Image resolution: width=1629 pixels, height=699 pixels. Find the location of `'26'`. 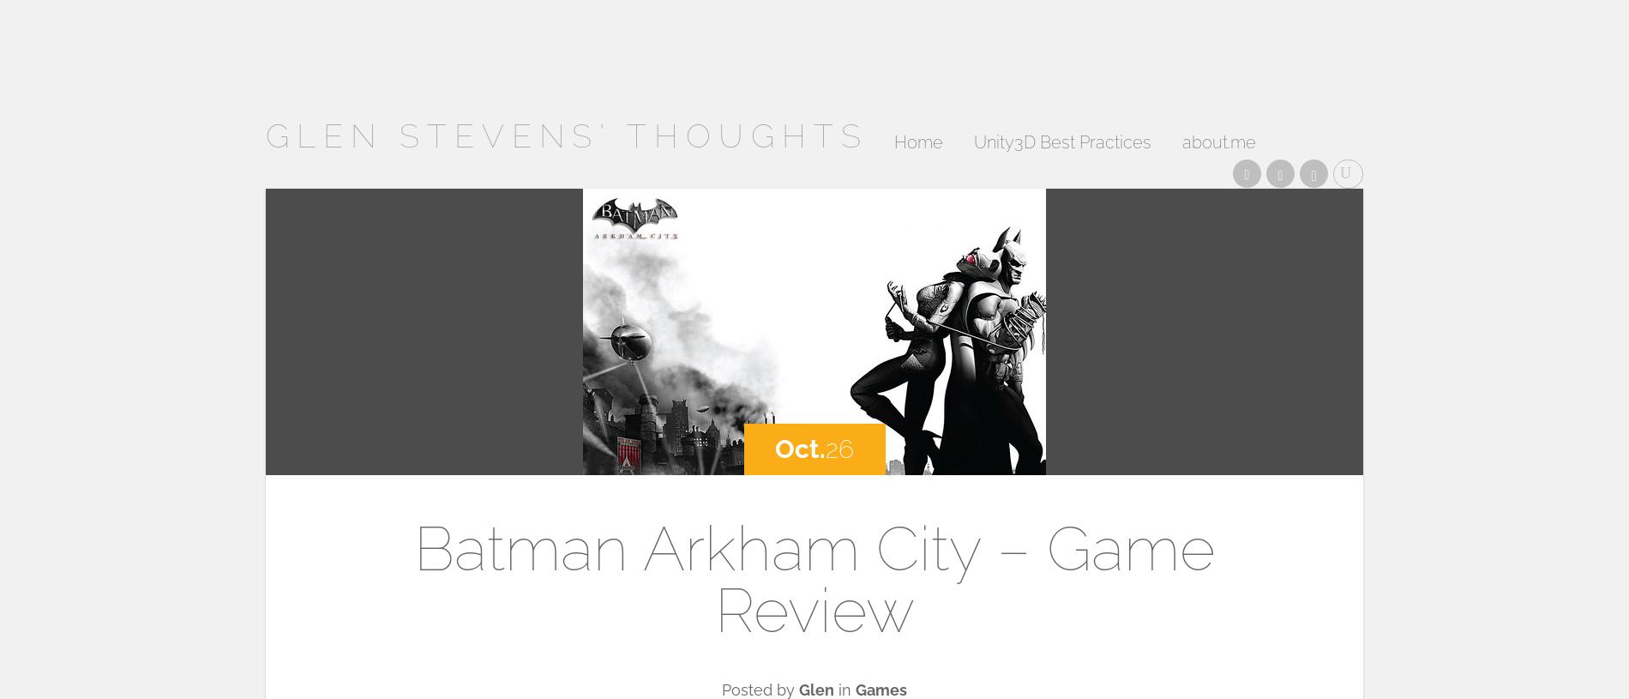

'26' is located at coordinates (825, 449).